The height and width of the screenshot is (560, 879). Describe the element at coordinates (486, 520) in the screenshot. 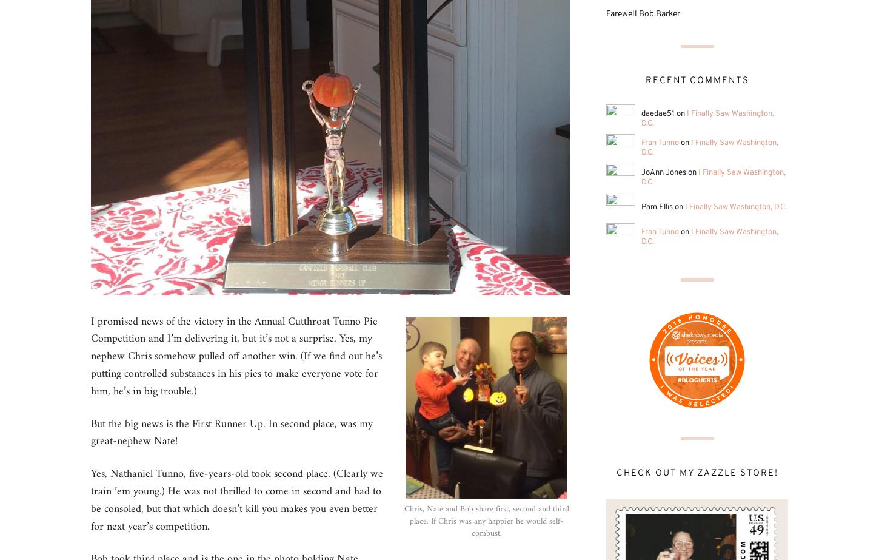

I see `'Chris, Nate and Bob share first, second and third place. If Chris was any happier he would self-combust.'` at that location.